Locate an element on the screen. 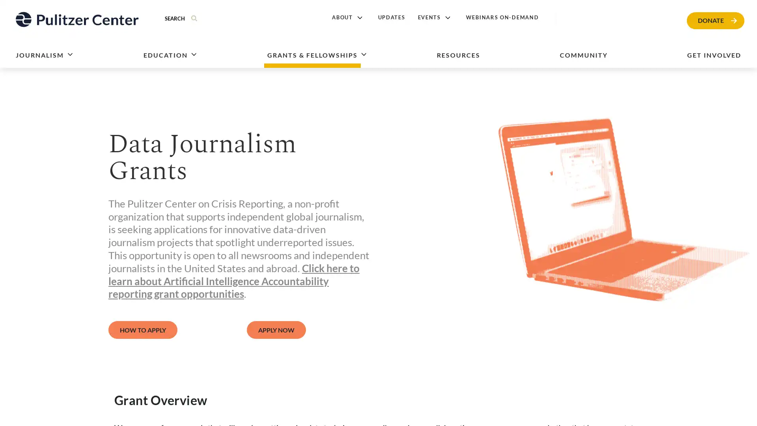 The image size is (757, 426). Sign Up For Our Newsletter is located at coordinates (304, 193).